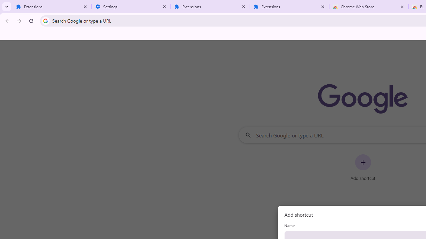 Image resolution: width=426 pixels, height=239 pixels. I want to click on 'Extensions', so click(52, 7).